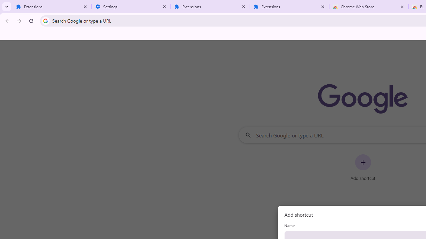 Image resolution: width=426 pixels, height=239 pixels. I want to click on 'Extensions', so click(52, 7).